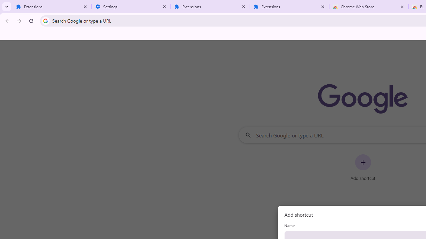 Image resolution: width=426 pixels, height=239 pixels. I want to click on 'Extensions', so click(52, 7).